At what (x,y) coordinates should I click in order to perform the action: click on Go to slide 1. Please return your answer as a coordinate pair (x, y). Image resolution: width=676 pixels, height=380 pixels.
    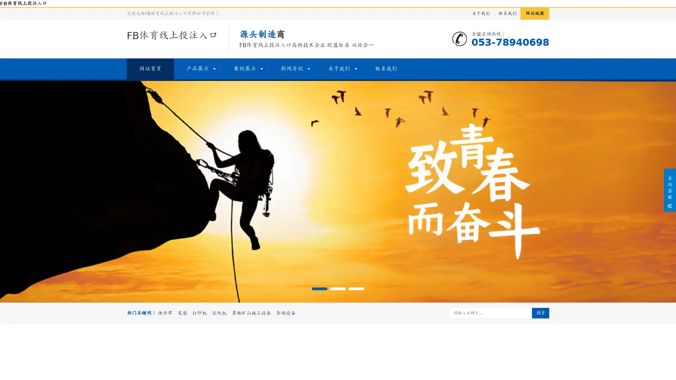
    Looking at the image, I should click on (319, 289).